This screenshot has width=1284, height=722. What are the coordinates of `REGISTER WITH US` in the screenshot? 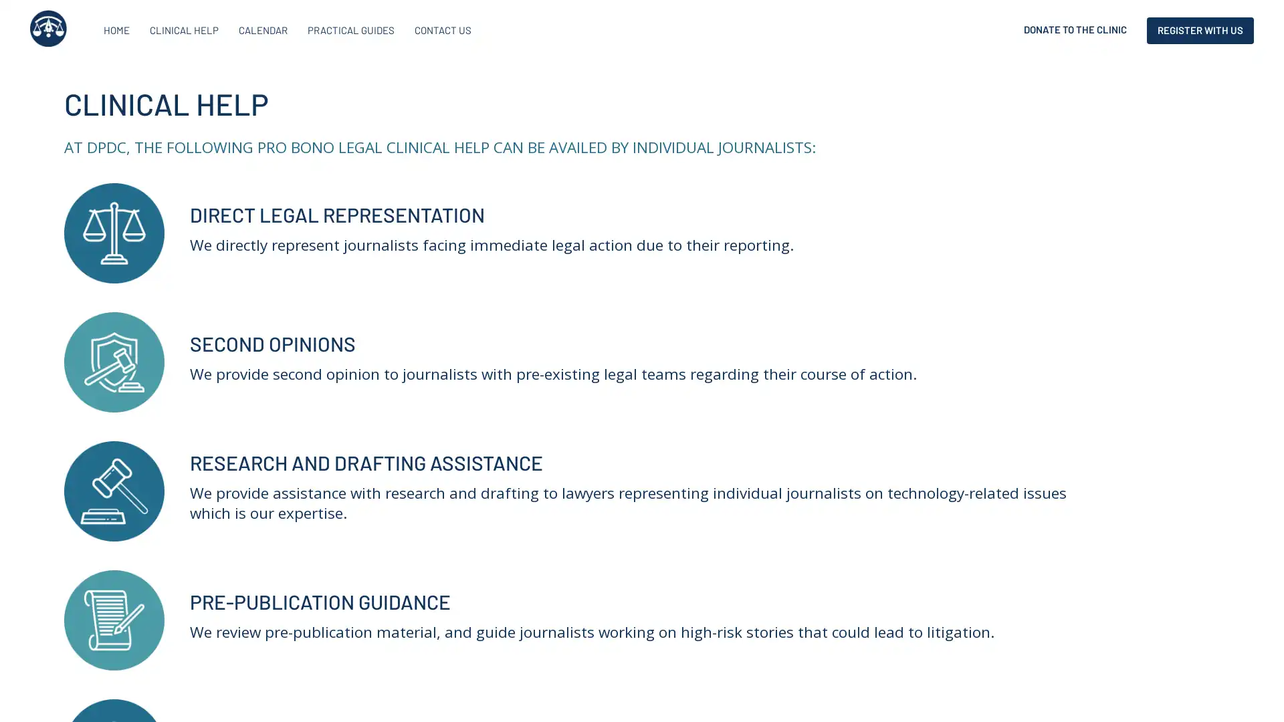 It's located at (1200, 30).